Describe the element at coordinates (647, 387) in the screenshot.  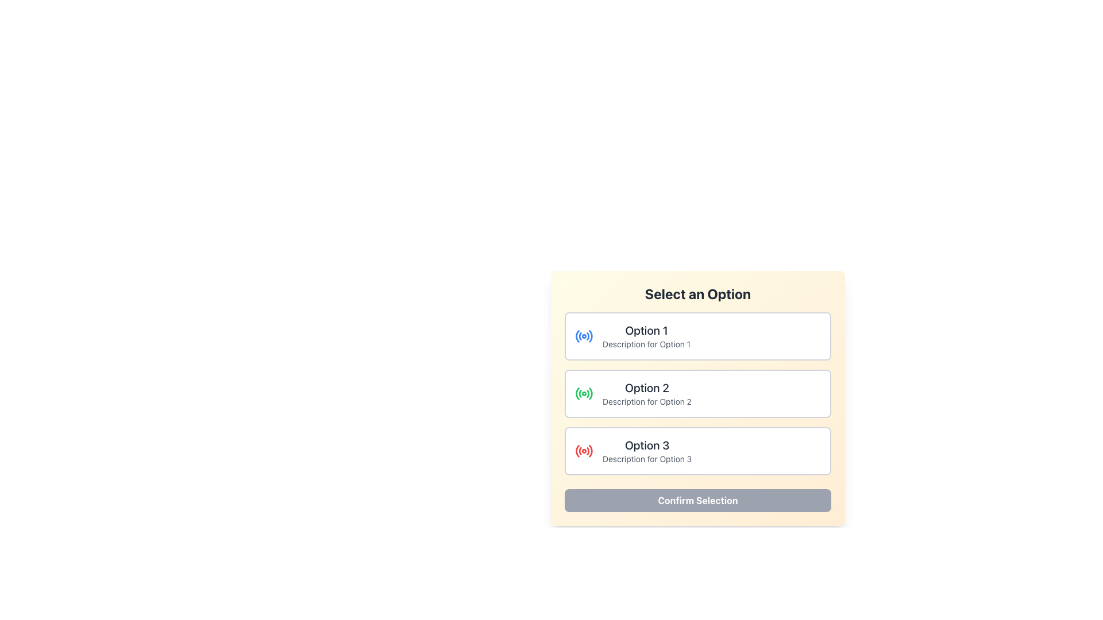
I see `the title text of the second selectable option in the list, which is part of the clickable option block containing 'Option 2'` at that location.